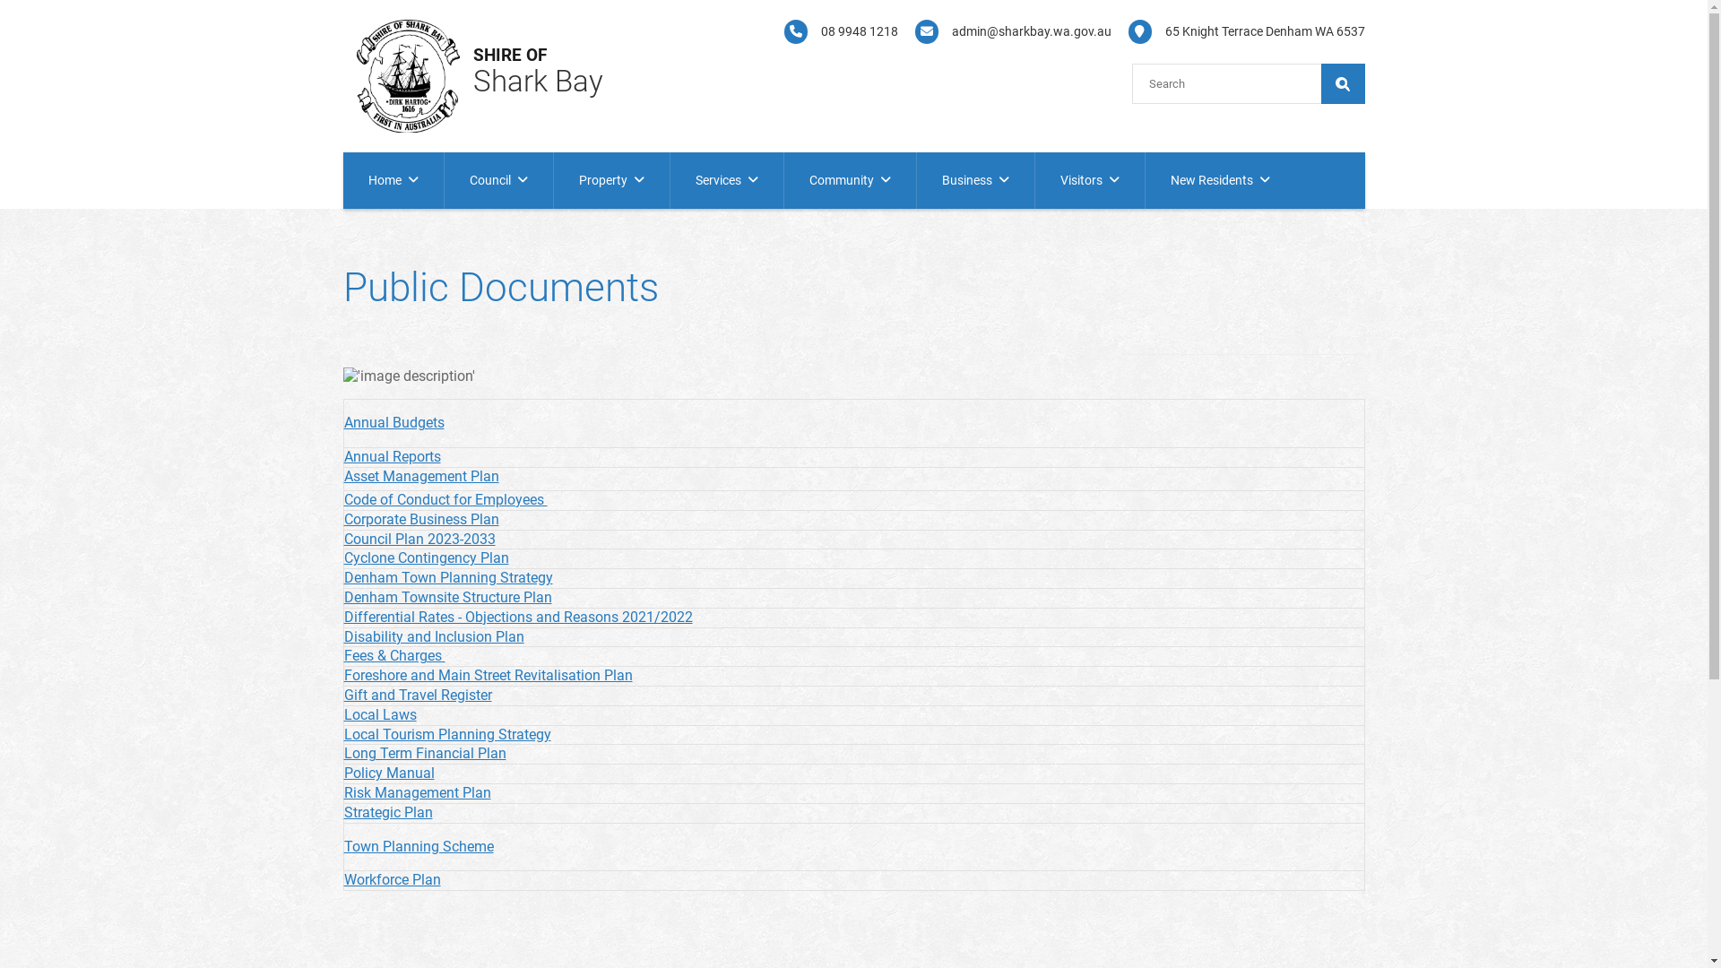 The image size is (1721, 968). I want to click on 'Denham Town Planning Strategy', so click(448, 577).